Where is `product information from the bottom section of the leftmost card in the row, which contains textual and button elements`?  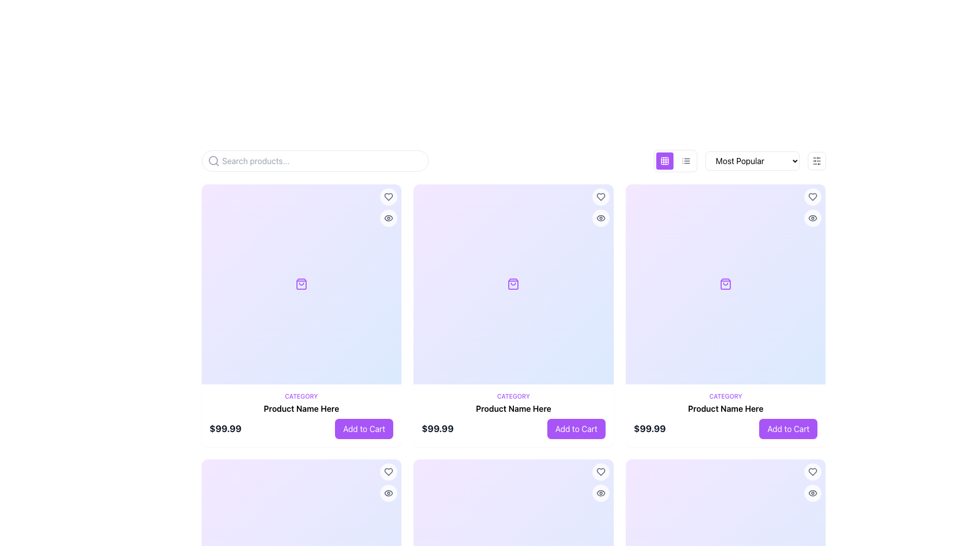 product information from the bottom section of the leftmost card in the row, which contains textual and button elements is located at coordinates (301, 415).